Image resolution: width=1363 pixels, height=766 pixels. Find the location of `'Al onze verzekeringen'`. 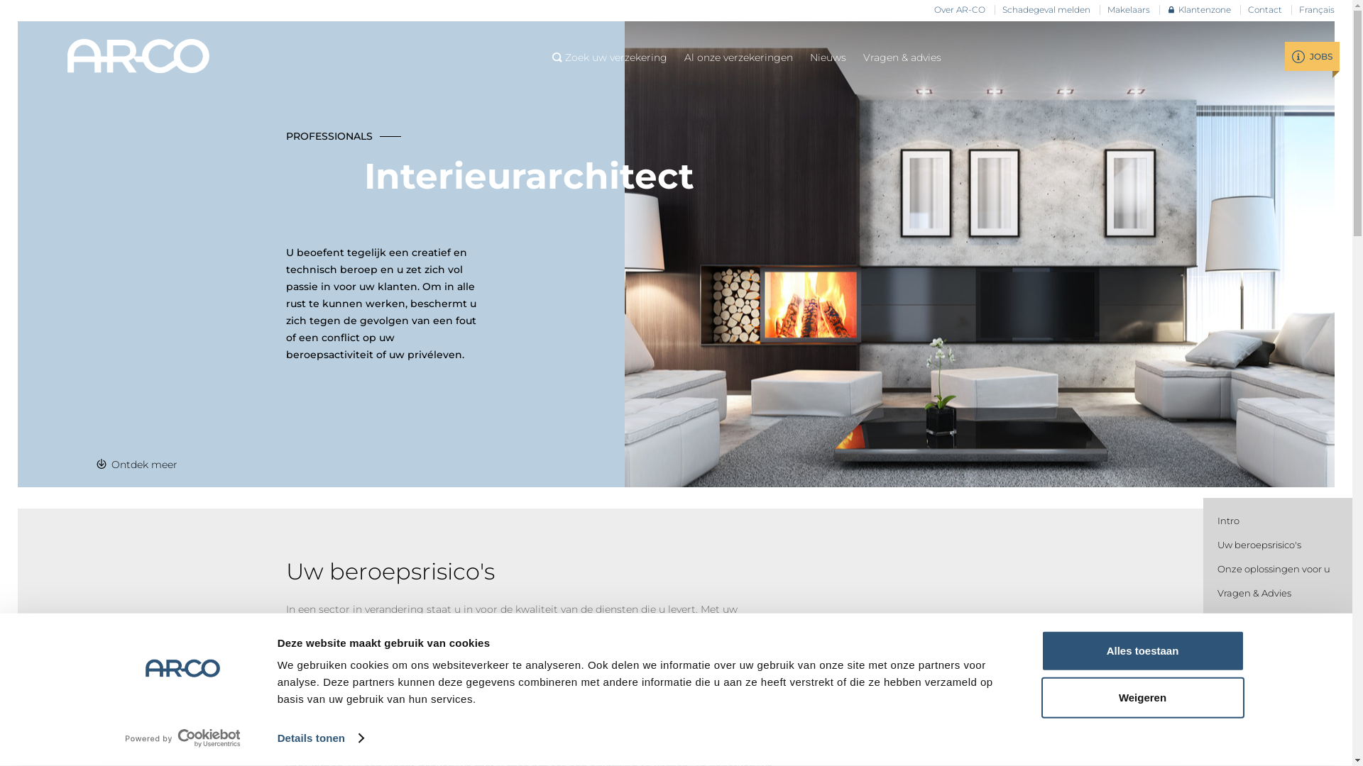

'Al onze verzekeringen' is located at coordinates (684, 57).